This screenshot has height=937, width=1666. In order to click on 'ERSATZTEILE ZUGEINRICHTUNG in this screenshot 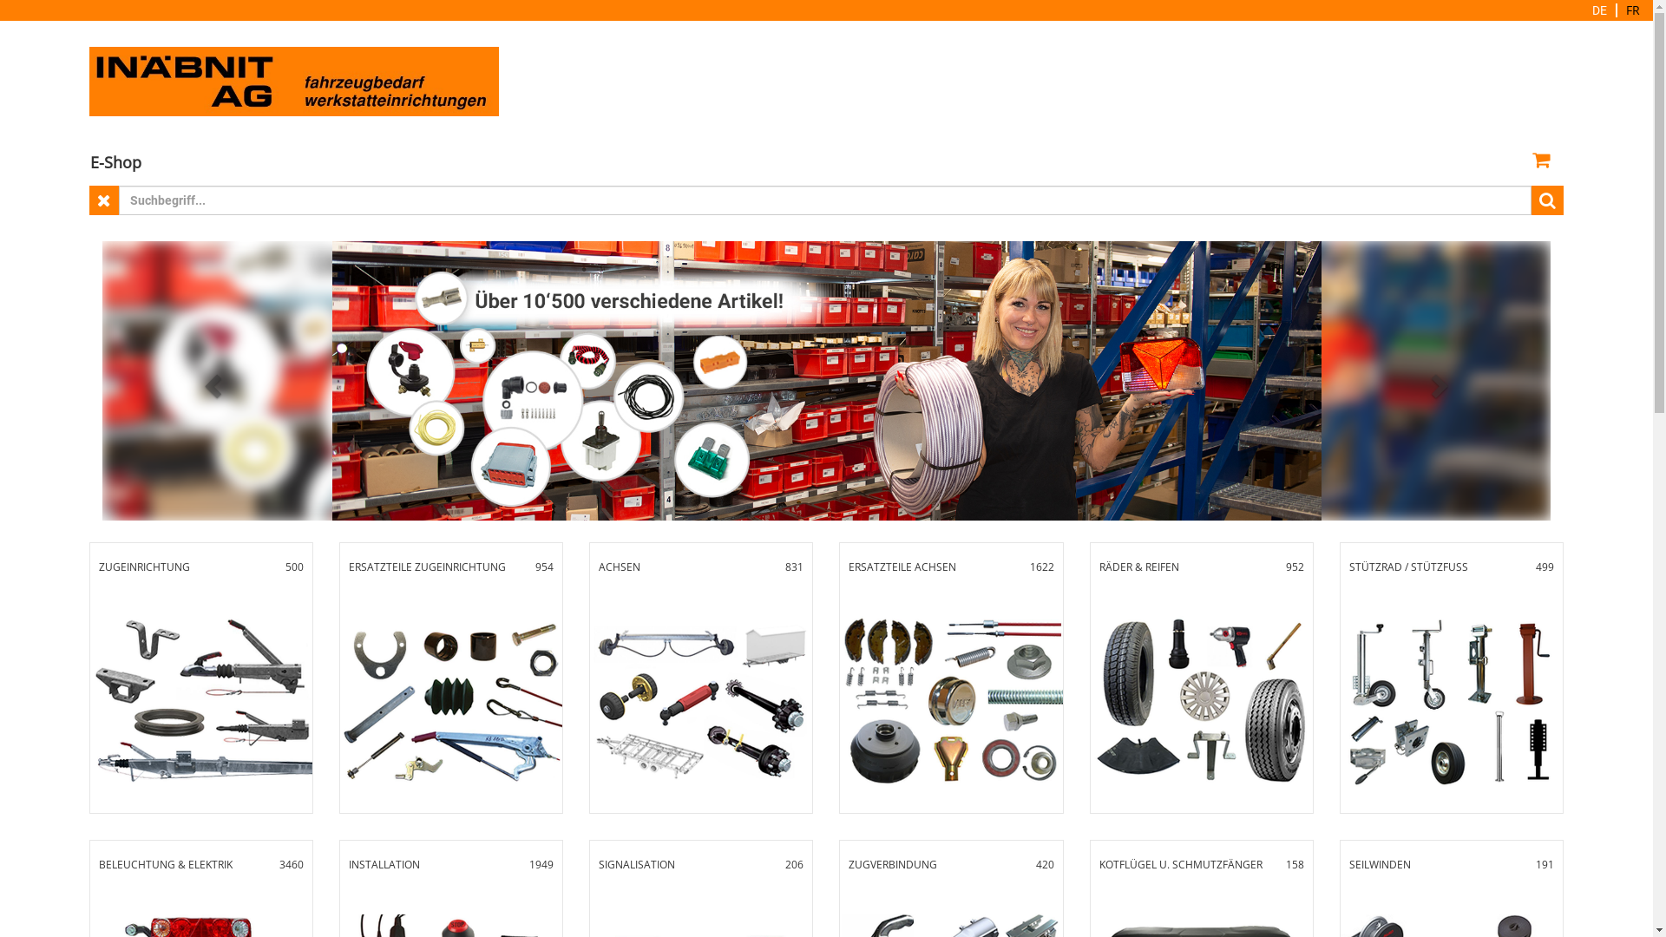, I will do `click(340, 677)`.